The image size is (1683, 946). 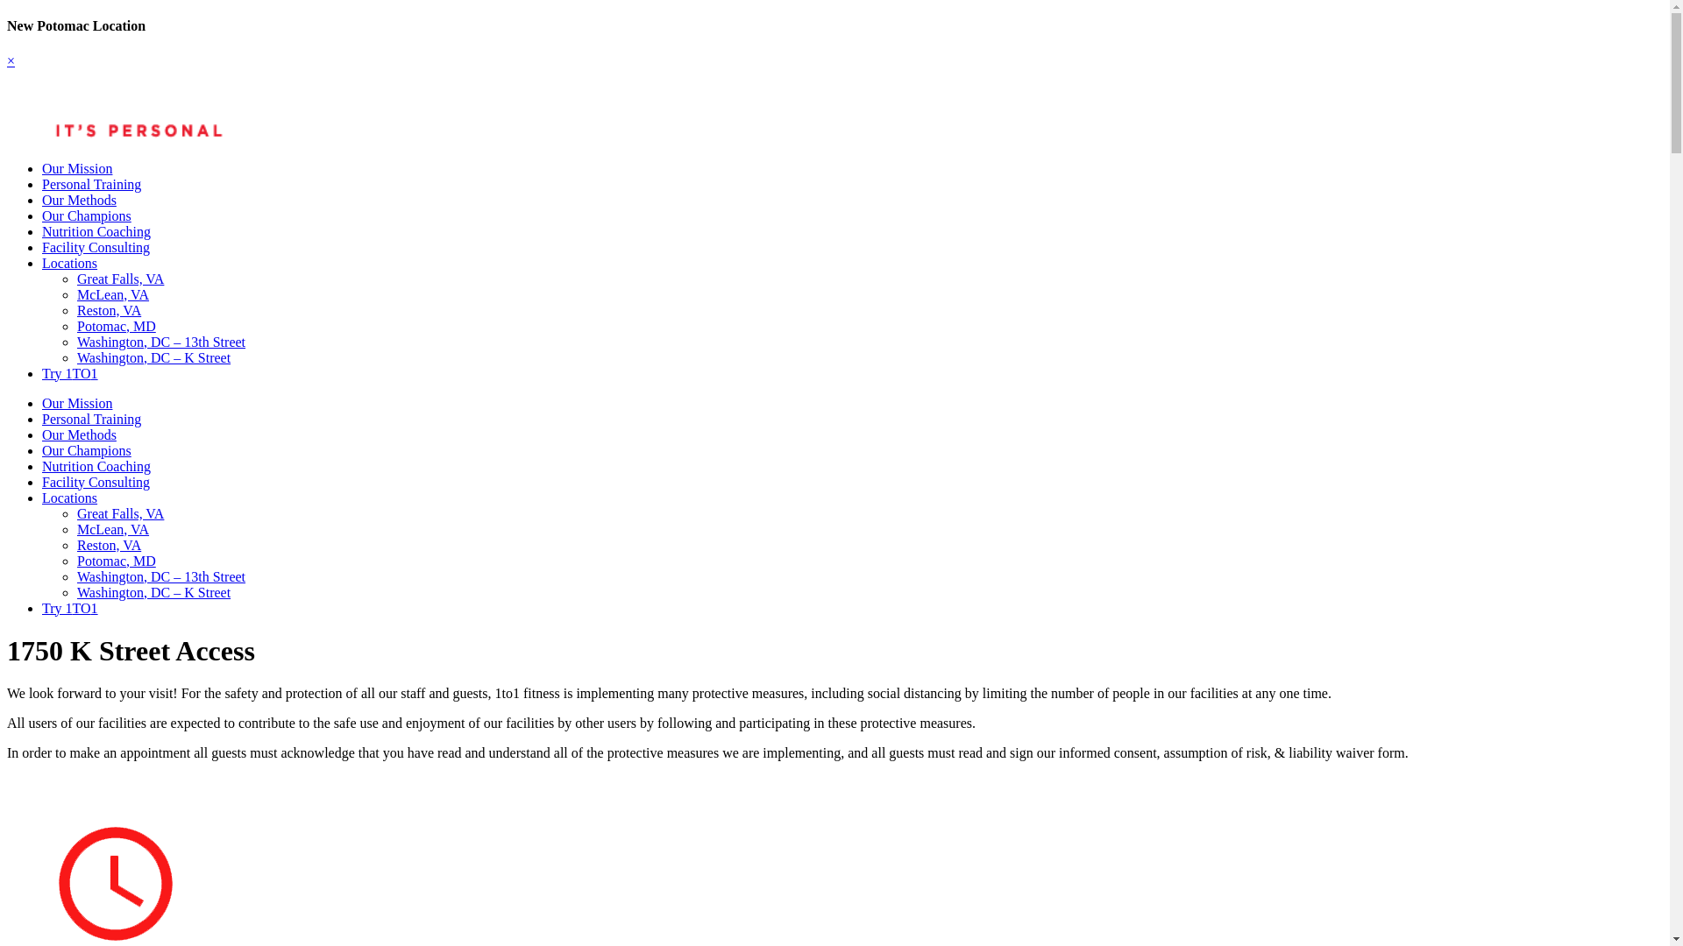 I want to click on 'Try 1TO1', so click(x=70, y=607).